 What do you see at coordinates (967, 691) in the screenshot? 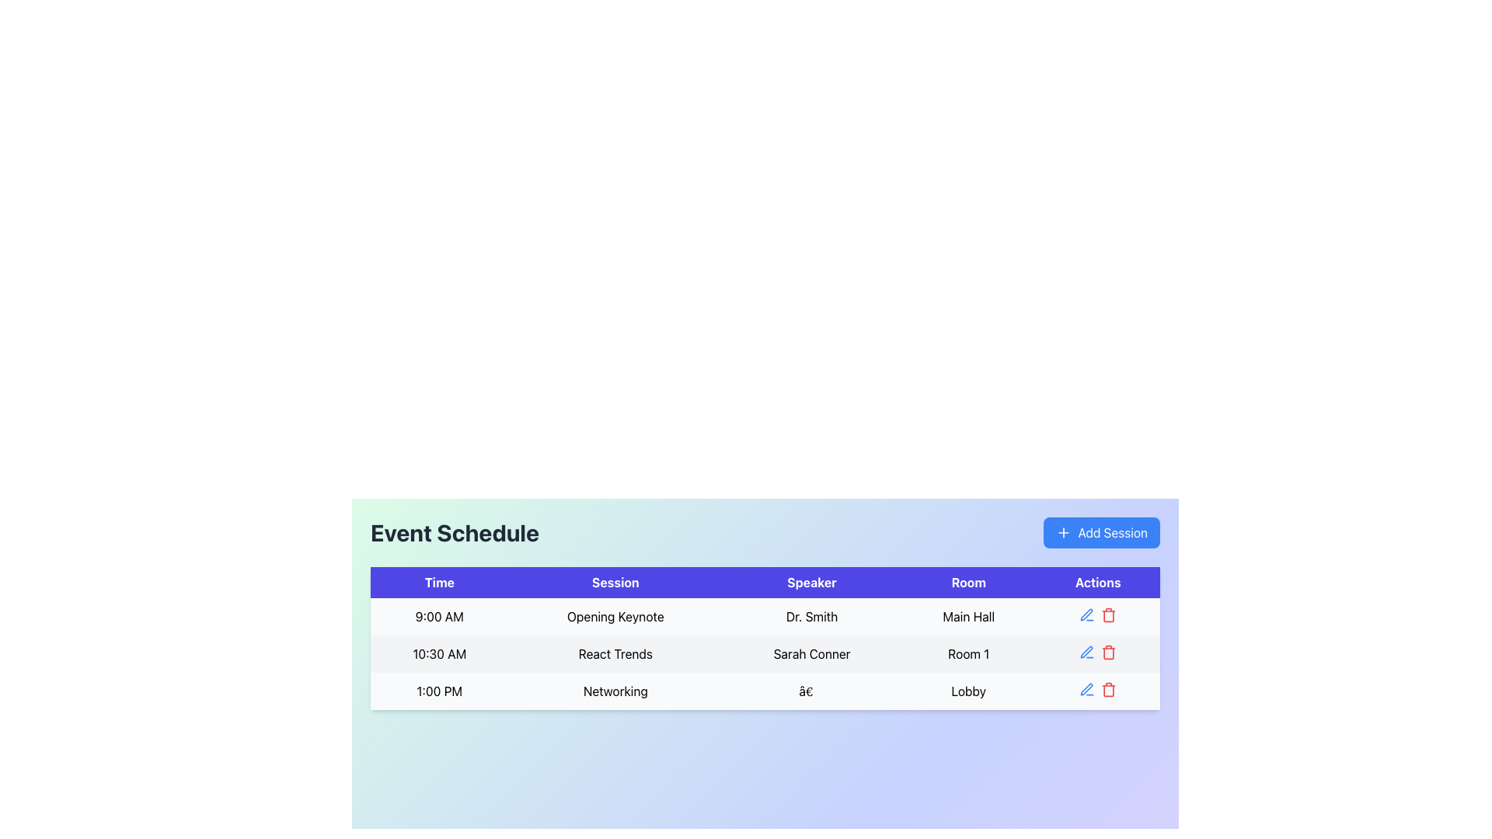
I see `the text label displaying 'Lobby' in the 'Event Schedule' table, located in the third row under the 'Room' column` at bounding box center [967, 691].